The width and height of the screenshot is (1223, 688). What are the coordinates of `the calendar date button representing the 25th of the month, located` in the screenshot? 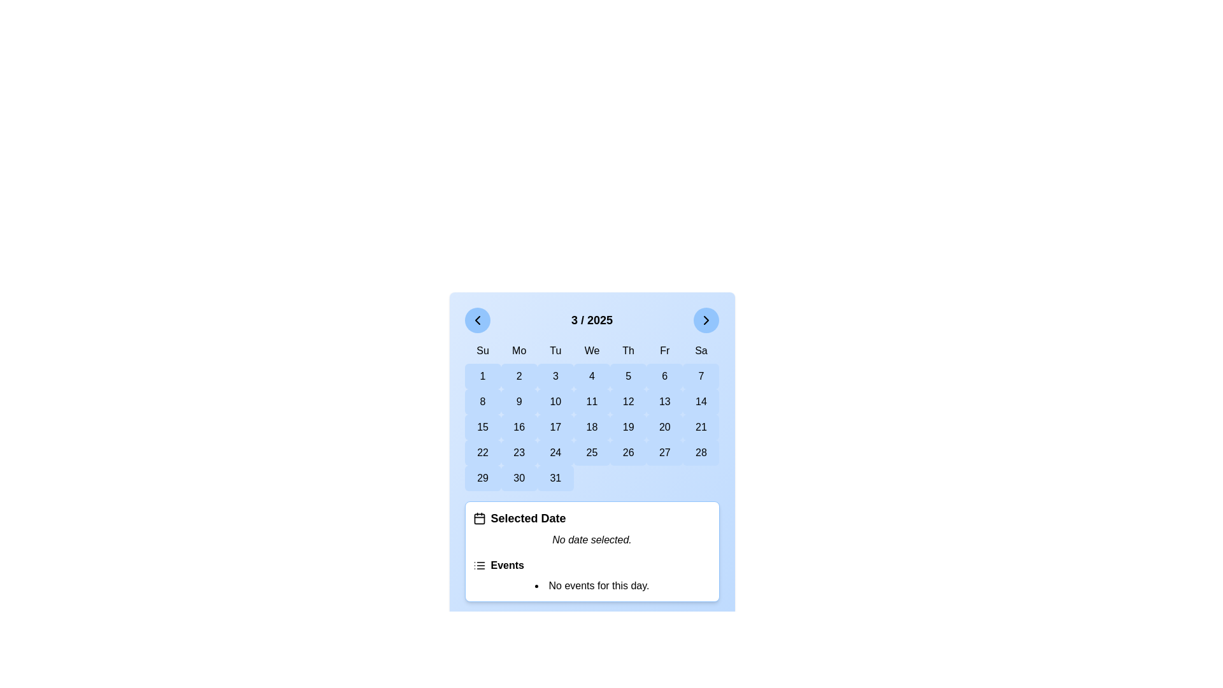 It's located at (591, 452).